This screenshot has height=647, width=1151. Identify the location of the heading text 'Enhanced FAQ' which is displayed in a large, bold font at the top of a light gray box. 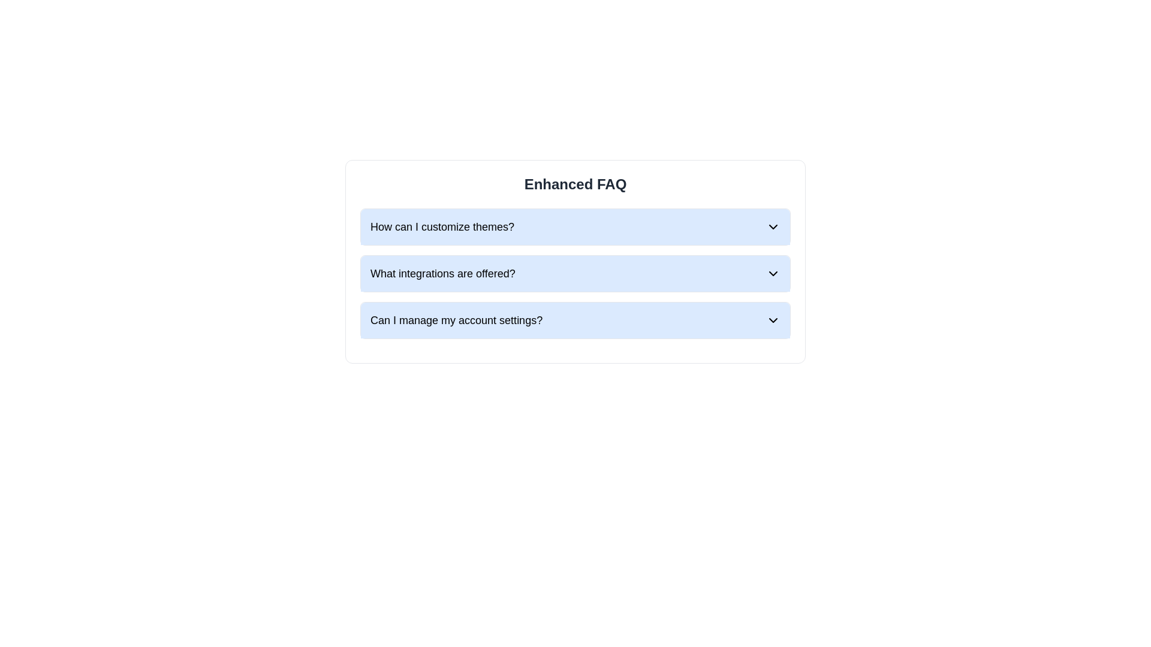
(575, 185).